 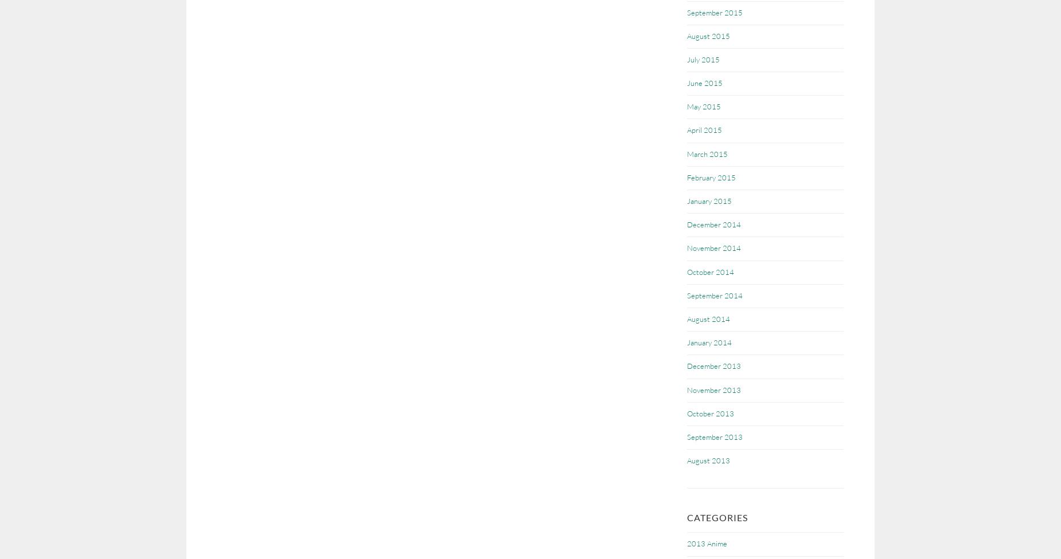 What do you see at coordinates (708, 200) in the screenshot?
I see `'January 2015'` at bounding box center [708, 200].